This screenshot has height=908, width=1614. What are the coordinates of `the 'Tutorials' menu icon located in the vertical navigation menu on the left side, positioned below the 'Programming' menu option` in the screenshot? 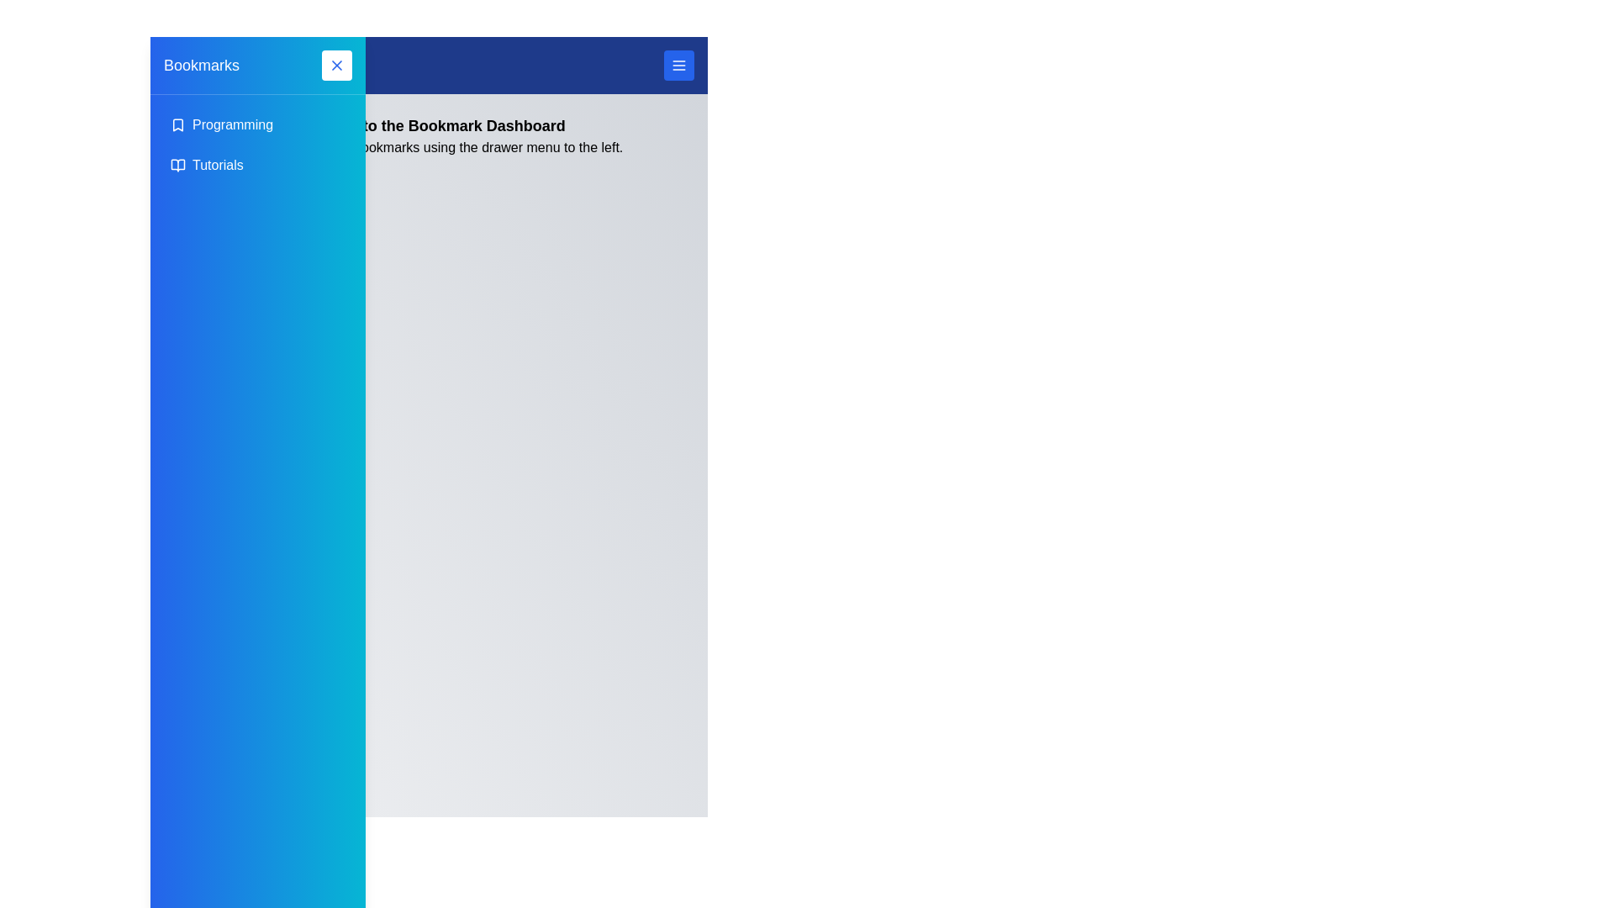 It's located at (177, 165).